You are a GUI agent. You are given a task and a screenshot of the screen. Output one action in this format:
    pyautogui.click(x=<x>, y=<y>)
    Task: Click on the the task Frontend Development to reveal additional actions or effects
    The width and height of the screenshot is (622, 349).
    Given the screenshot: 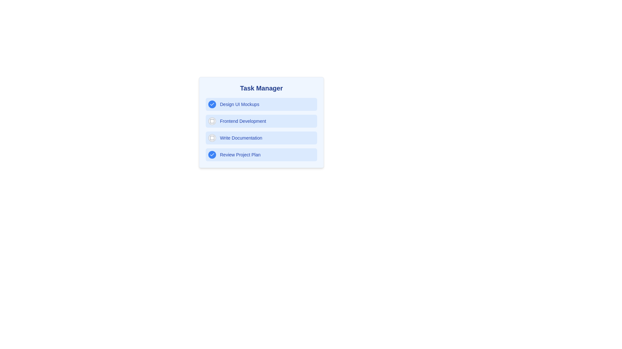 What is the action you would take?
    pyautogui.click(x=261, y=121)
    